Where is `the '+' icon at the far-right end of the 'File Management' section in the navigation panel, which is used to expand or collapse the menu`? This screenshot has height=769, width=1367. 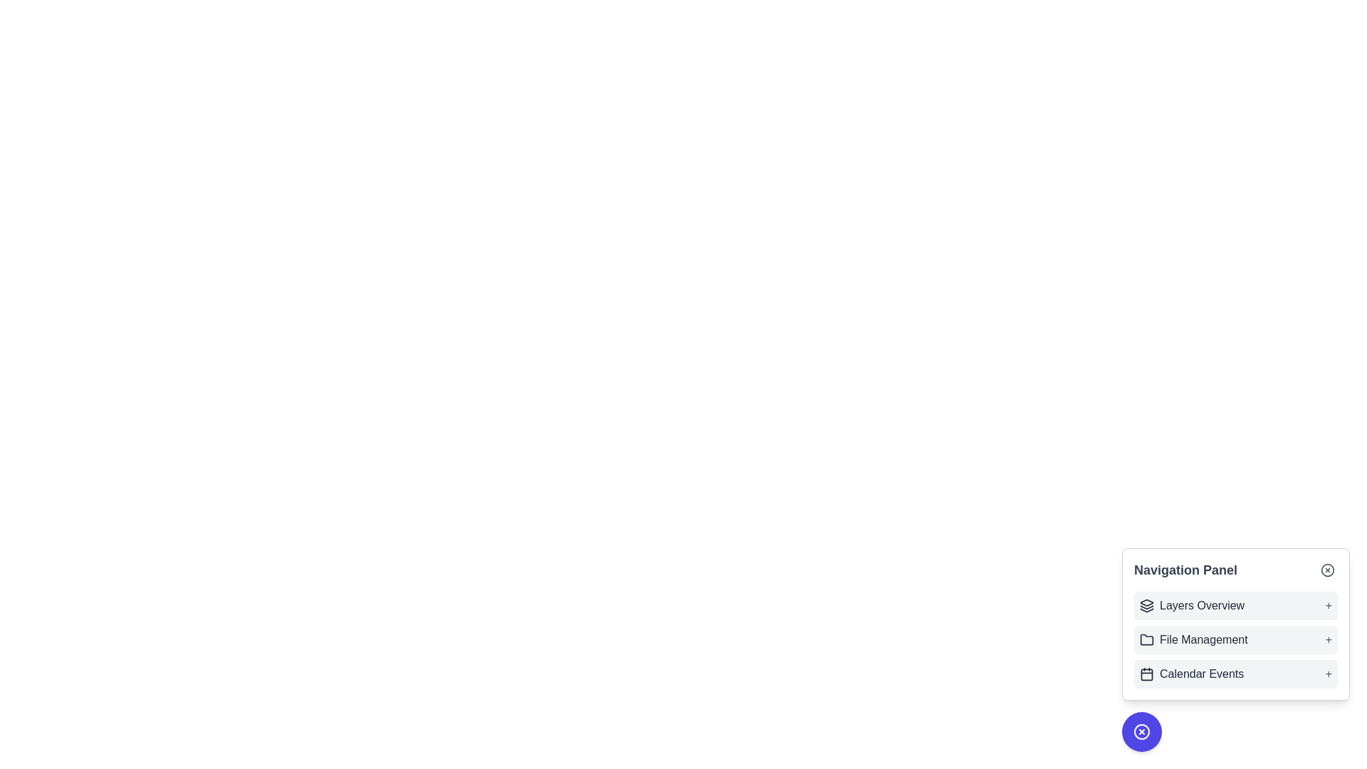
the '+' icon at the far-right end of the 'File Management' section in the navigation panel, which is used to expand or collapse the menu is located at coordinates (1328, 639).